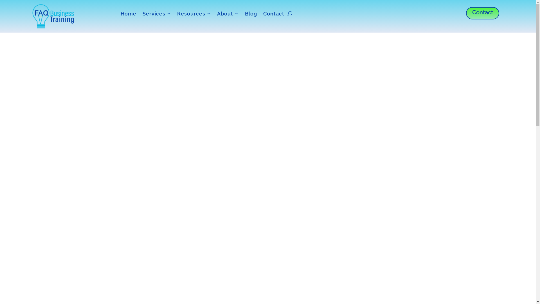  What do you see at coordinates (128, 14) in the screenshot?
I see `'Home'` at bounding box center [128, 14].